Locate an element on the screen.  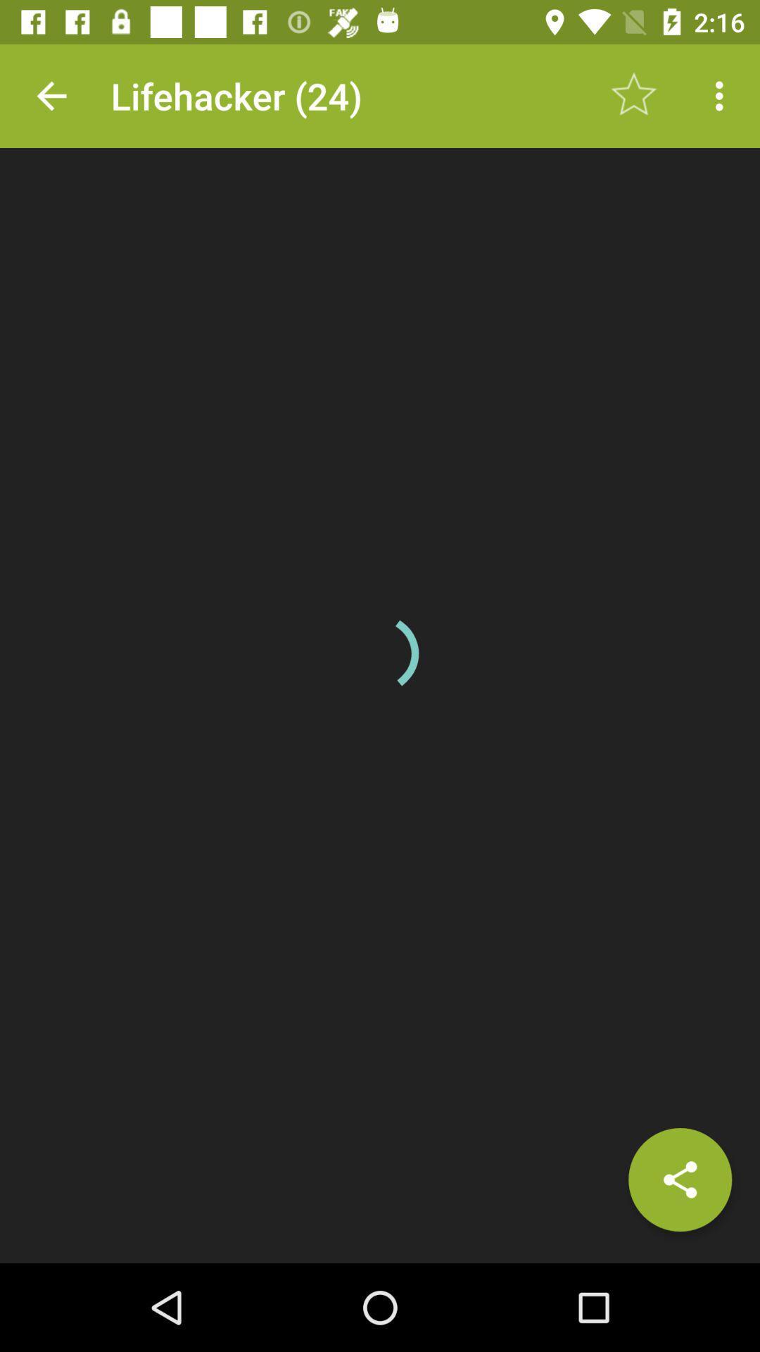
share the article is located at coordinates (679, 1179).